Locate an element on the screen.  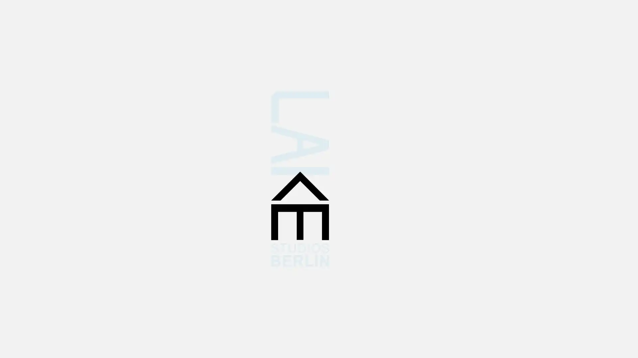
Menu is located at coordinates (613, 64).